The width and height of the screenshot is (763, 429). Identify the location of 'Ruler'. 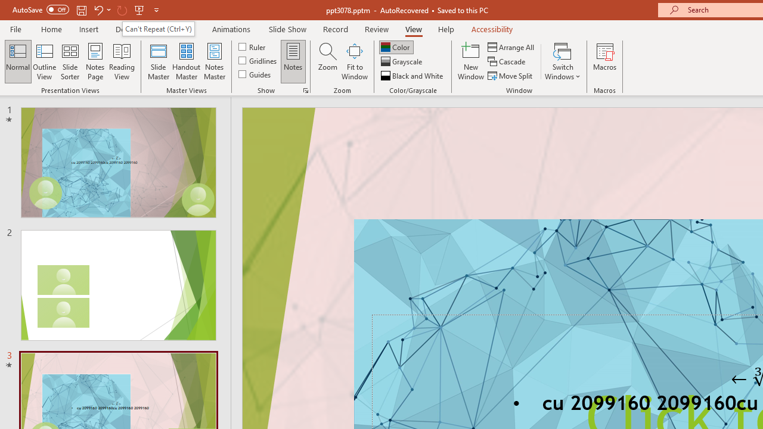
(252, 46).